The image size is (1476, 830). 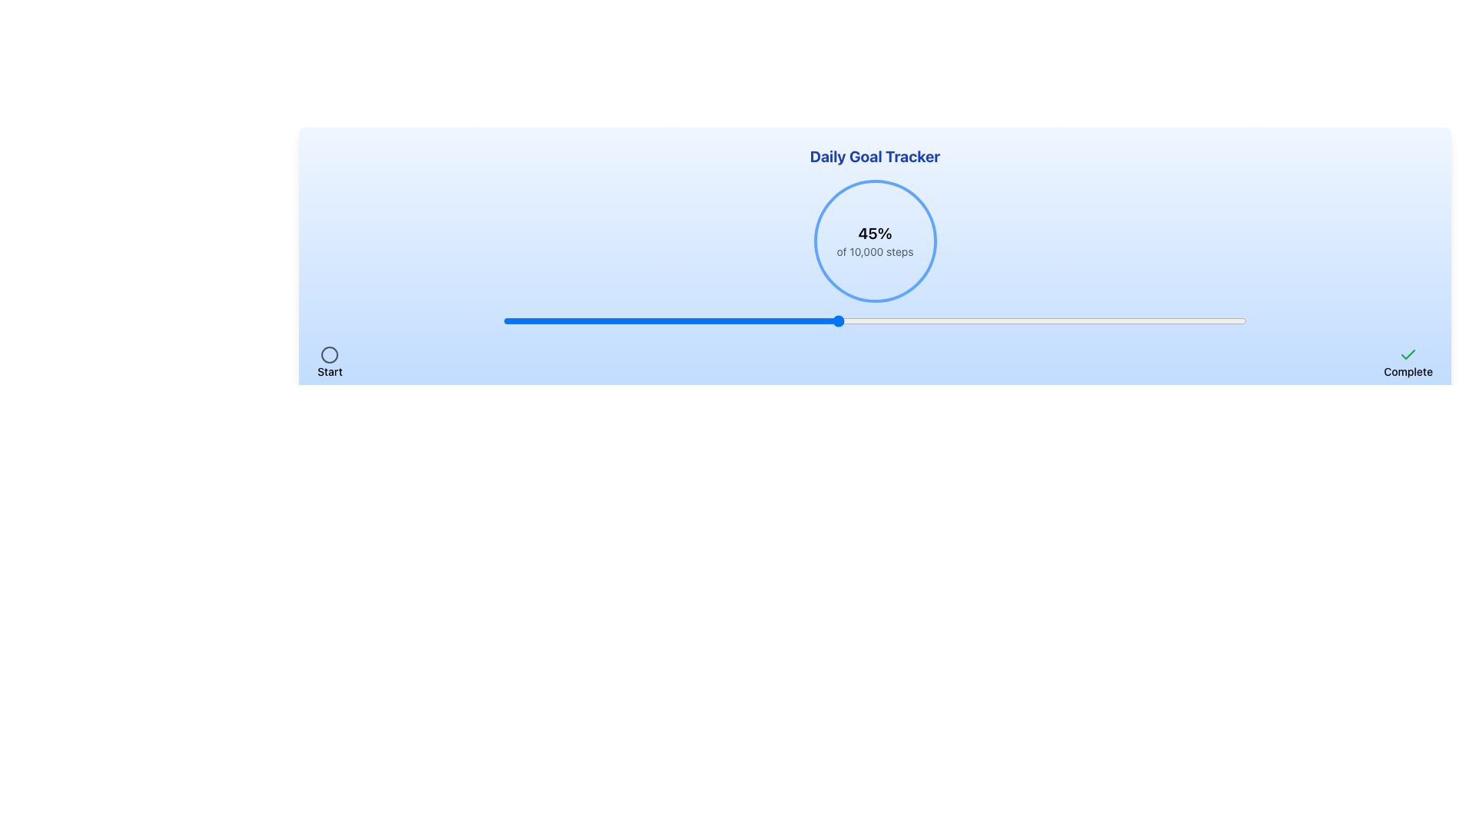 What do you see at coordinates (875, 362) in the screenshot?
I see `the labels or icons within the Progress Indicator located at the bottom of the 'Daily Goal Tracker' card, specifically targeting the center of the progress indicator` at bounding box center [875, 362].